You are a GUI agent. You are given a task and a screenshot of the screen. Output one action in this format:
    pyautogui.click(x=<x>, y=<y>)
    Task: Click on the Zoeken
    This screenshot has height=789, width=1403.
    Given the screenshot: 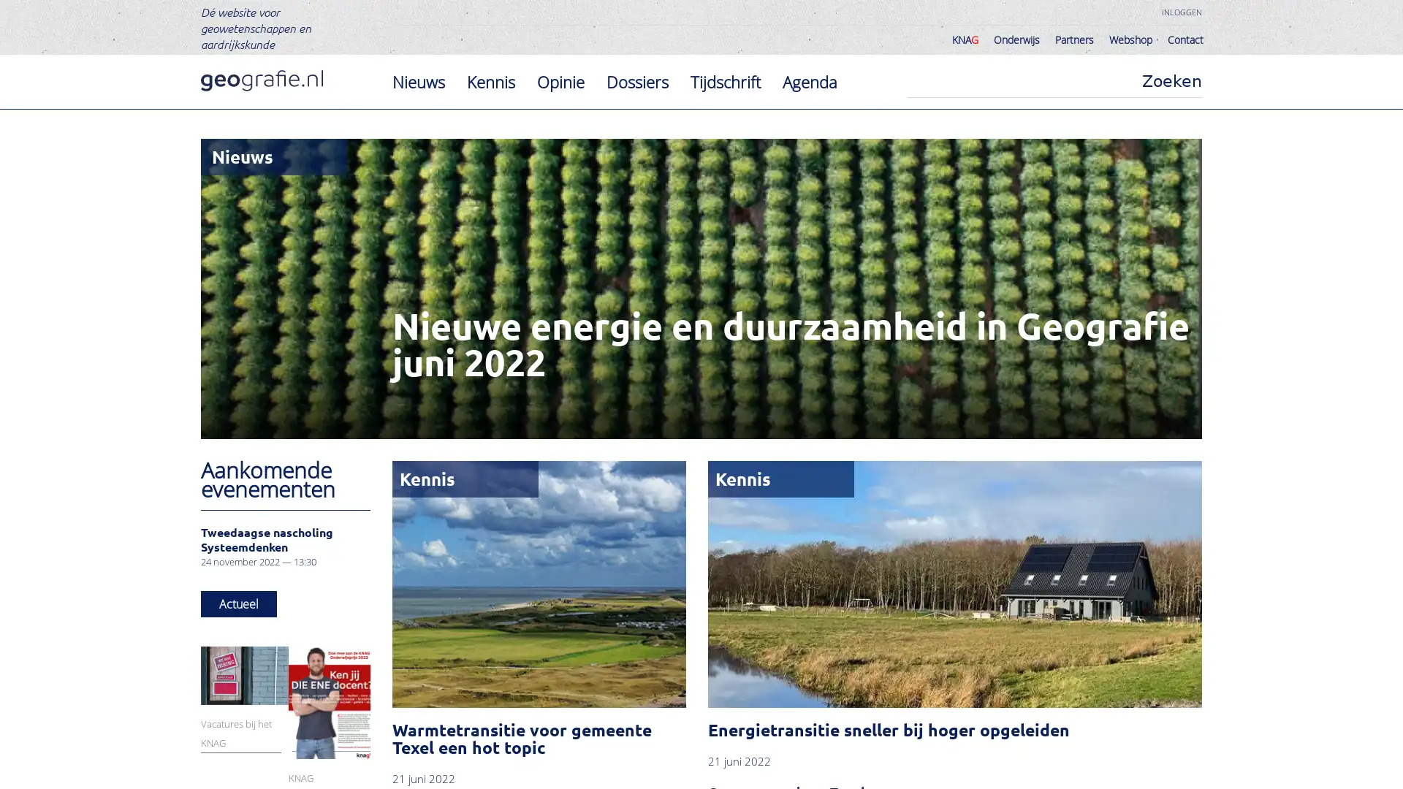 What is the action you would take?
    pyautogui.click(x=1171, y=81)
    